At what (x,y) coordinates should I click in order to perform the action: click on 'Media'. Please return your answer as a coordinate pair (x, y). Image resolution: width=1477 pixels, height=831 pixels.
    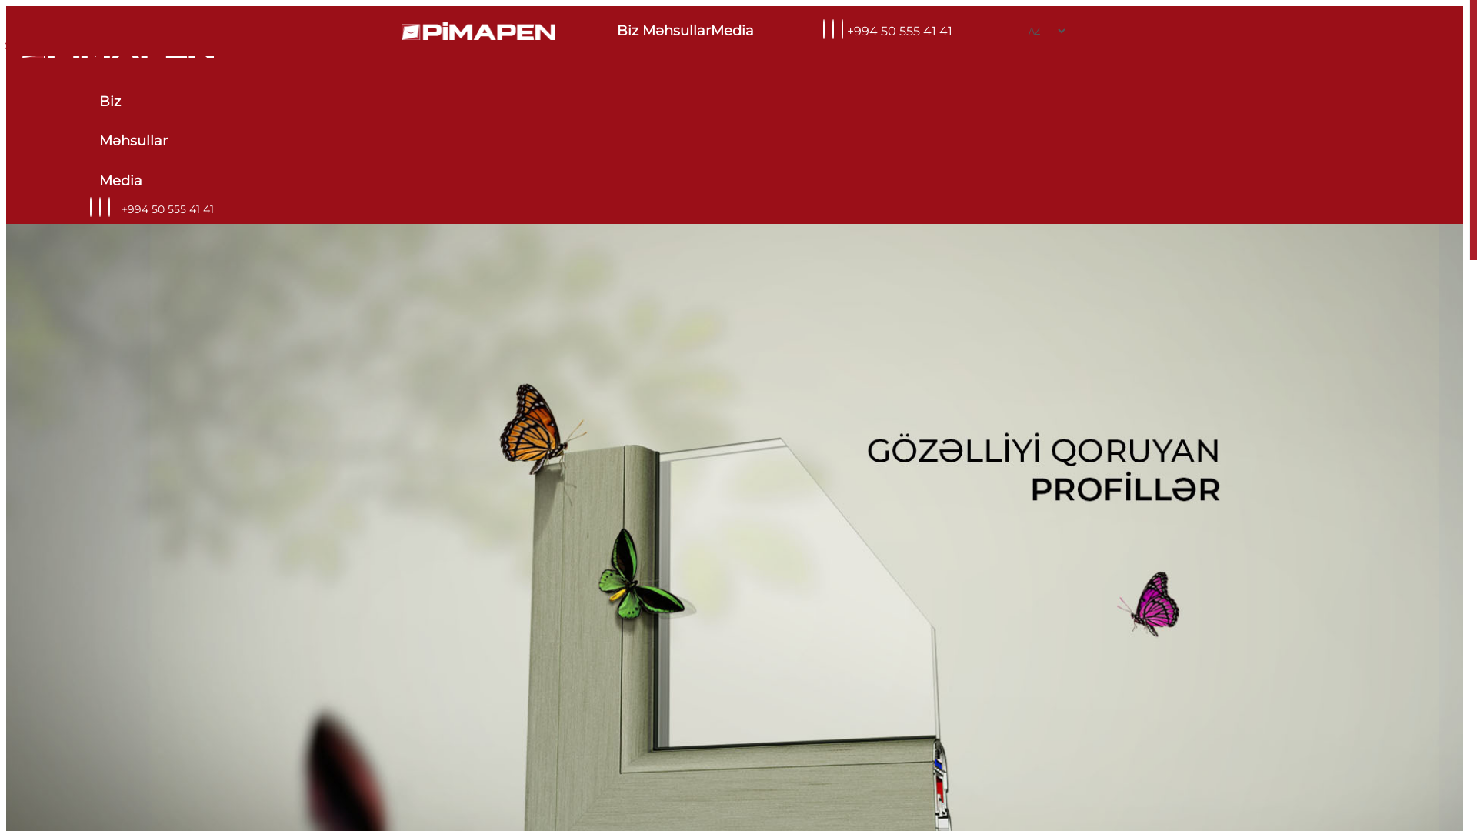
    Looking at the image, I should click on (733, 30).